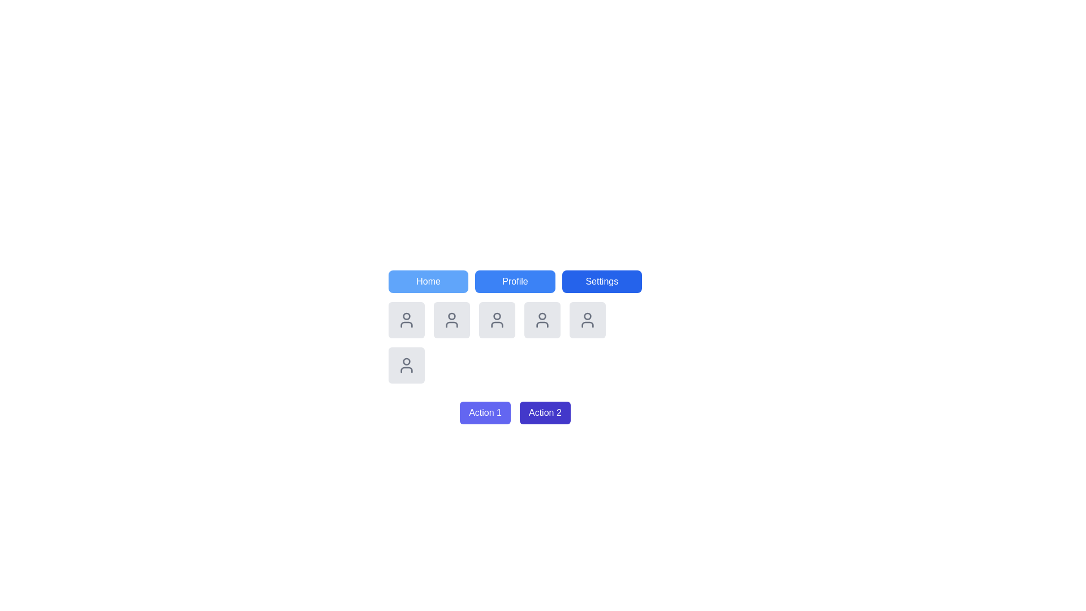 Image resolution: width=1086 pixels, height=611 pixels. Describe the element at coordinates (542, 325) in the screenshot. I see `the user profile icon located in the second row of icons in the middle column, which is surrounded by similar user profile icons and part of a grid below the navigation bar` at that location.